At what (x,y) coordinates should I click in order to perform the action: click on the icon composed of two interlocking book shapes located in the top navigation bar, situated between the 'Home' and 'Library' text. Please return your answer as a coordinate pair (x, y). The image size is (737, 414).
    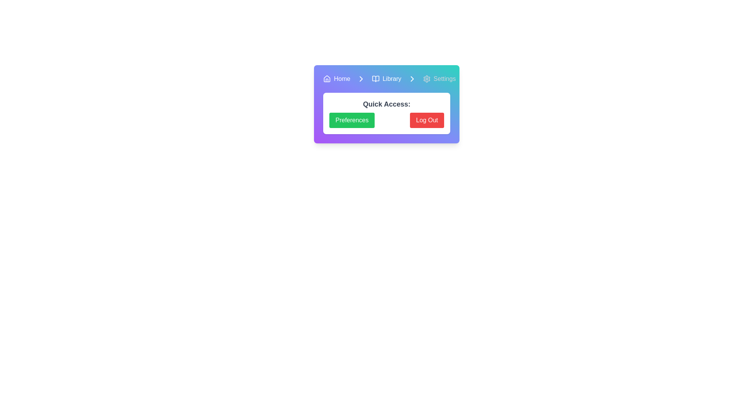
    Looking at the image, I should click on (375, 79).